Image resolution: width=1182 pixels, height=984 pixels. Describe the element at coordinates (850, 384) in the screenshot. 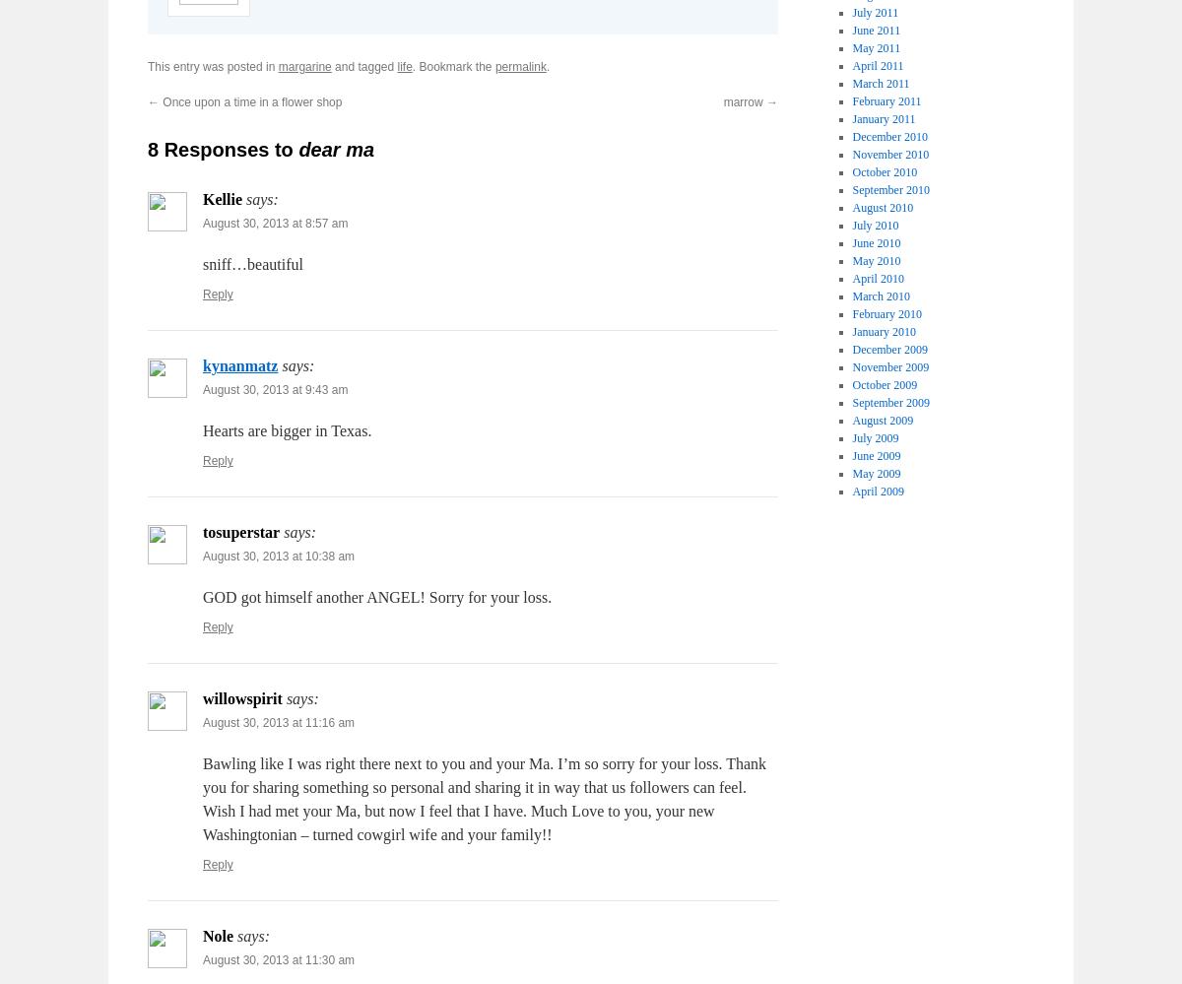

I see `'October 2009'` at that location.